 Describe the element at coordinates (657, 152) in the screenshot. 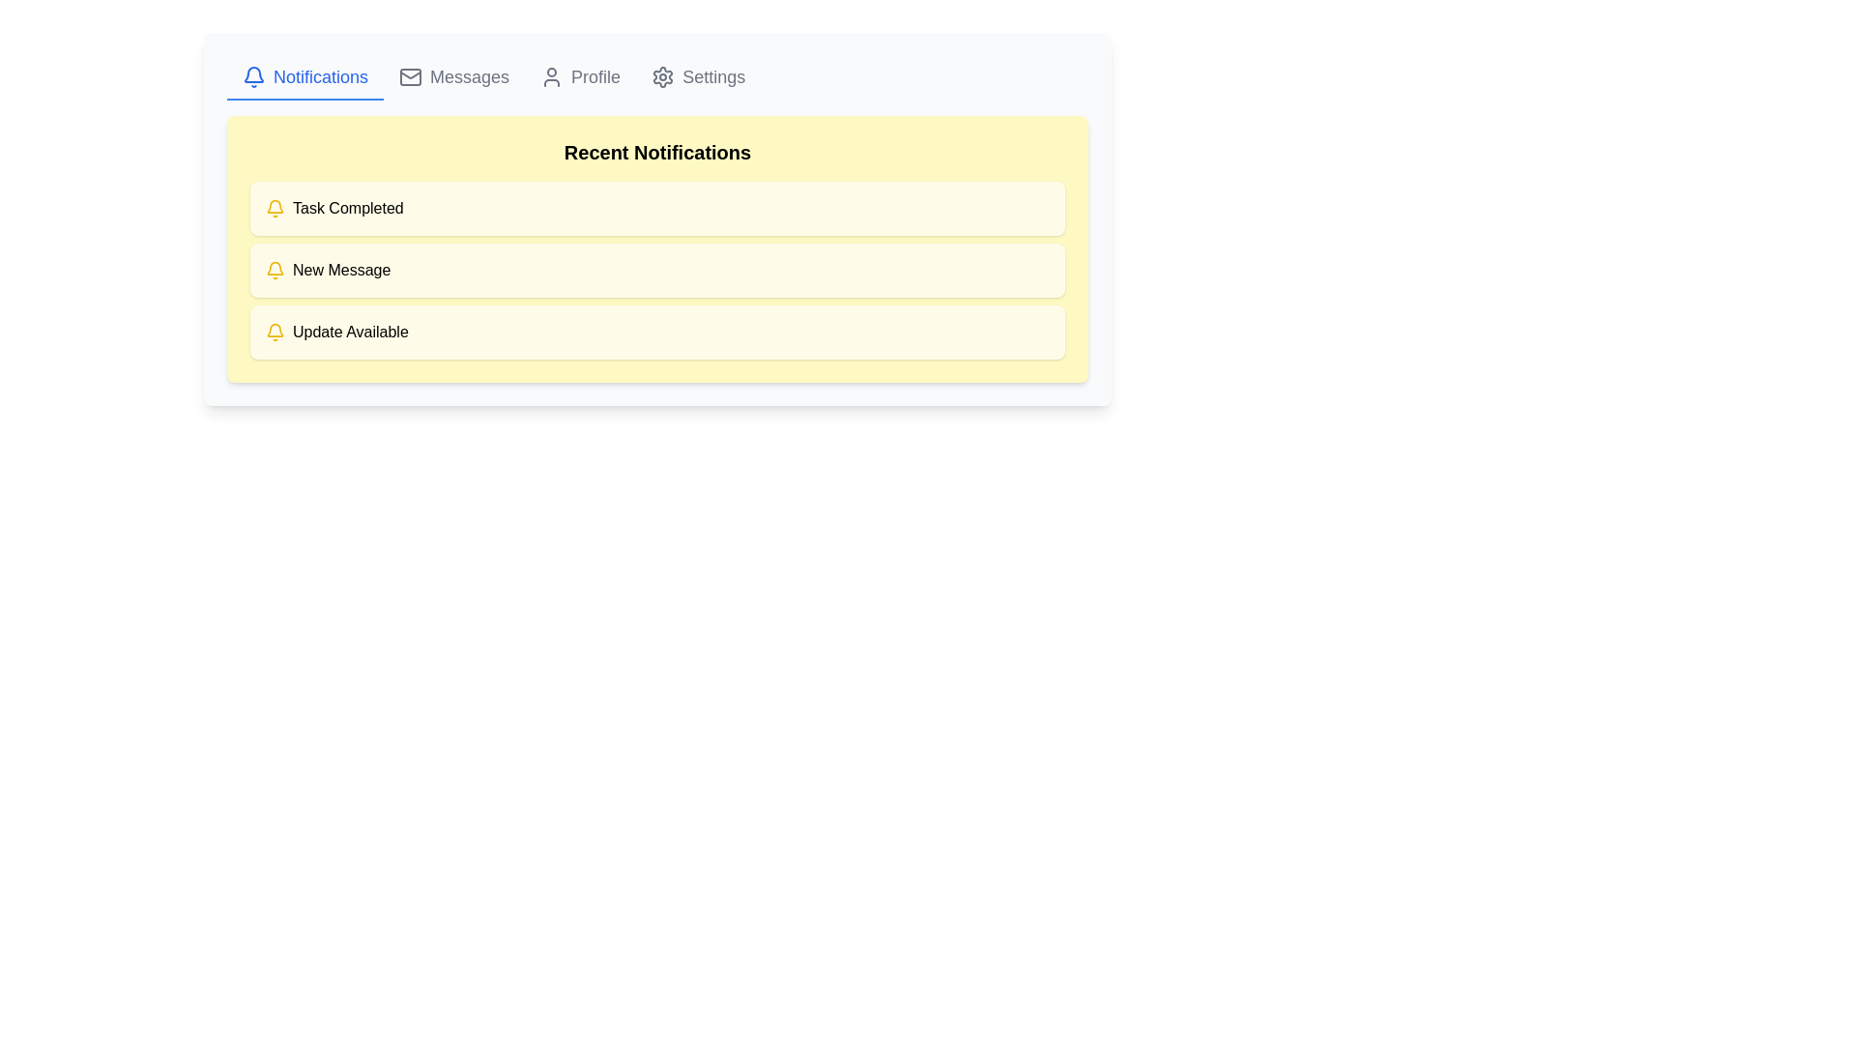

I see `the 'Recent Notifications' header located at the top of the yellow notification section` at that location.